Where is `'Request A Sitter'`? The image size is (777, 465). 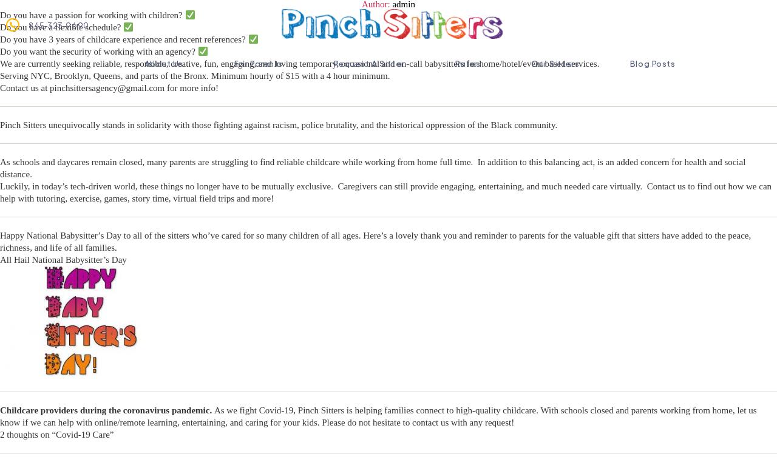
'Request A Sitter' is located at coordinates (368, 63).